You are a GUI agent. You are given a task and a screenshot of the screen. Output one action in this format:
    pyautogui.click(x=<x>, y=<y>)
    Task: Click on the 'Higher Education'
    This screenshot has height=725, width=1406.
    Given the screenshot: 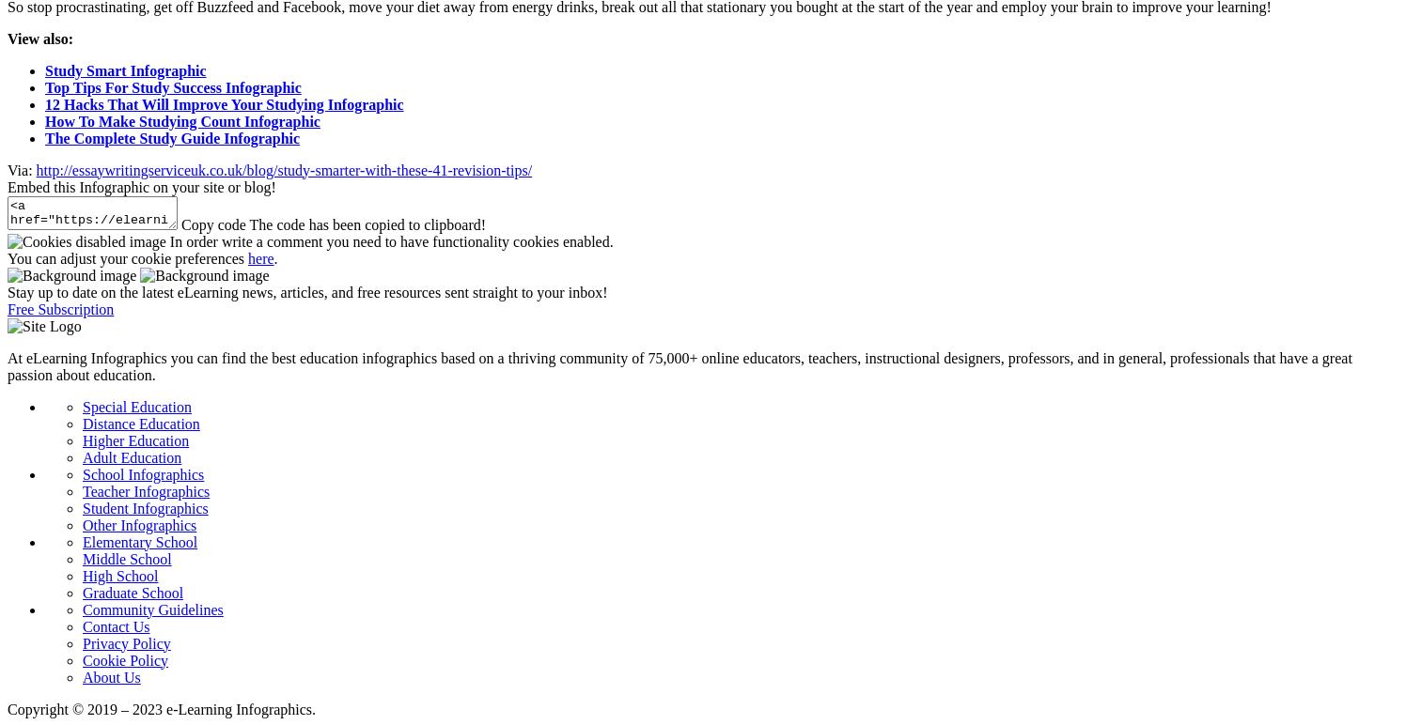 What is the action you would take?
    pyautogui.click(x=82, y=440)
    